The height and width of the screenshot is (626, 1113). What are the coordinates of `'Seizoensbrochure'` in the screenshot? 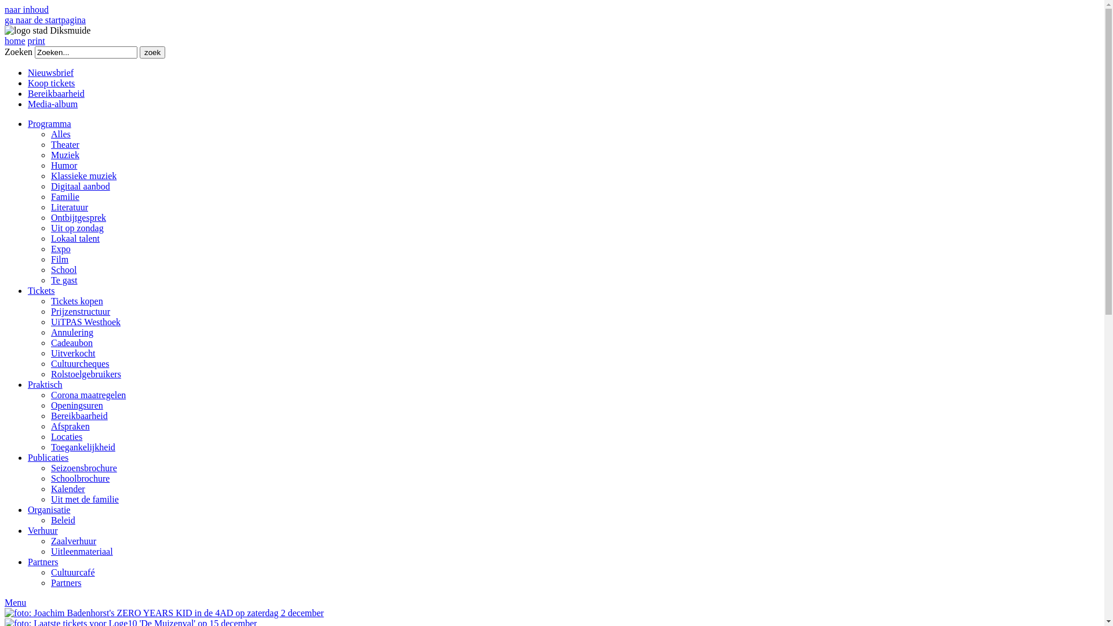 It's located at (83, 467).